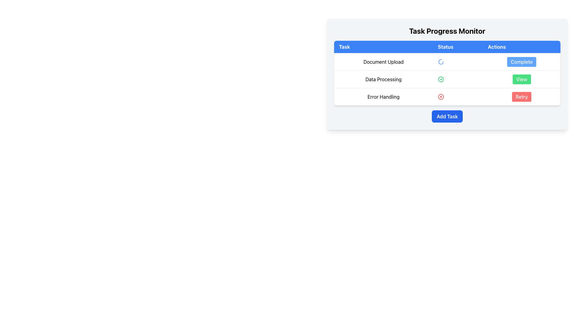 The height and width of the screenshot is (331, 588). Describe the element at coordinates (440, 79) in the screenshot. I see `the green checkmark circle icon in the 'Status' column of the second row in the 'Task Progress Monitor' table to observe the status it signifies` at that location.